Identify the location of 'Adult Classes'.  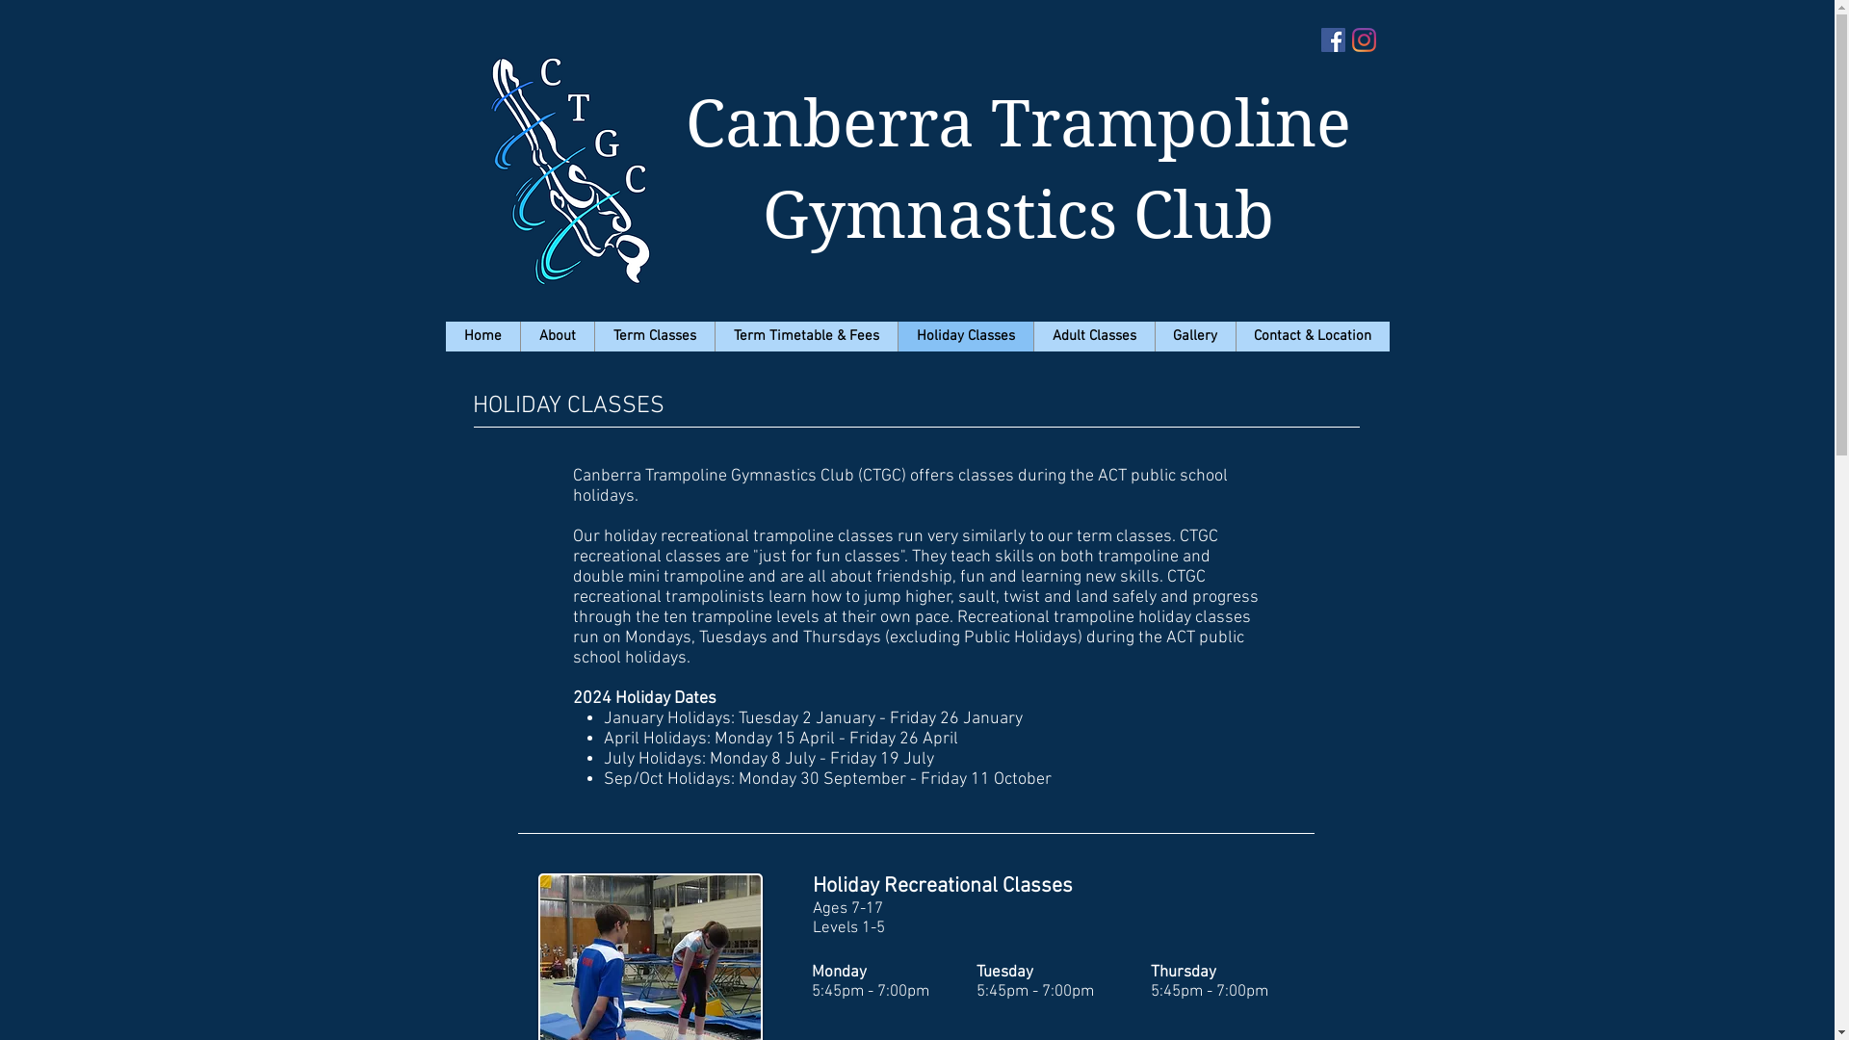
(1092, 335).